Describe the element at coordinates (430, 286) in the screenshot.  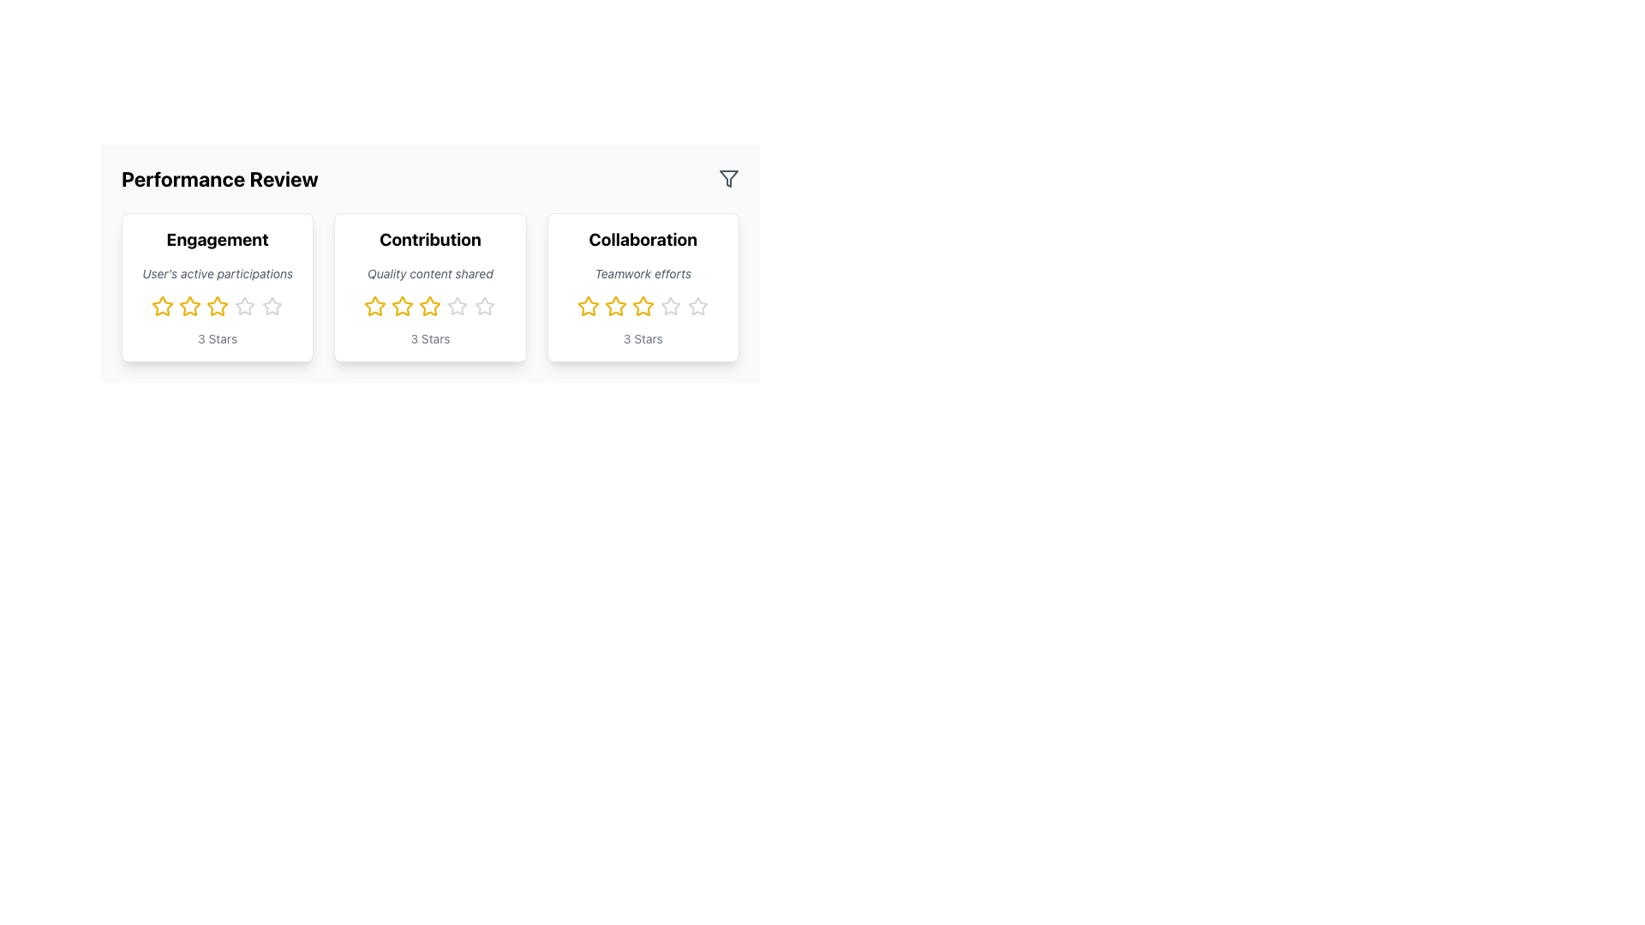
I see `the rating in the central section of the grid under 'Performance Review', which displays 'Contribution' with its corresponding 5-star rating system` at that location.